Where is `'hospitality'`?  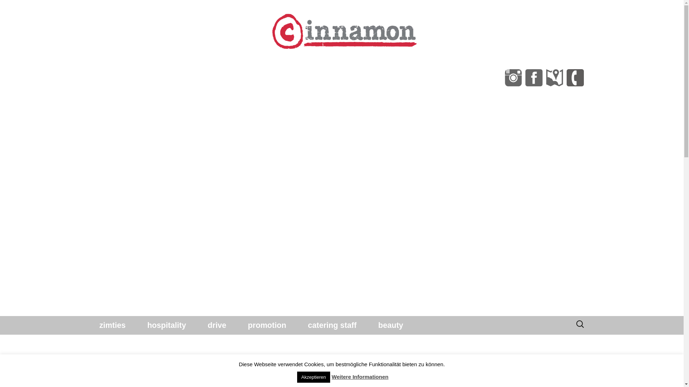 'hospitality' is located at coordinates (166, 325).